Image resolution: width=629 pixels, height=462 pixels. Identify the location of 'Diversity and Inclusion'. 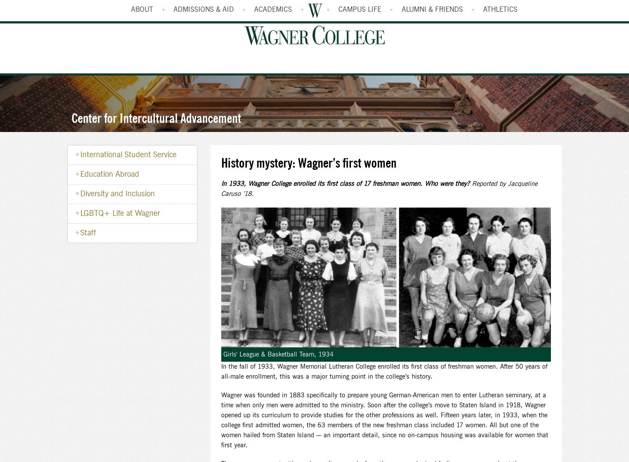
(118, 195).